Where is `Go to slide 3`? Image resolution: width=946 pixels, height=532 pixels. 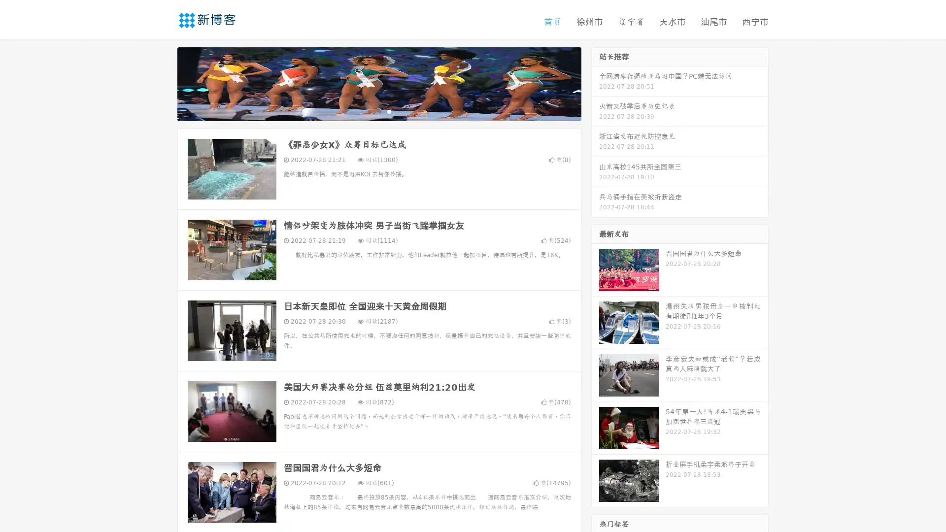 Go to slide 3 is located at coordinates (389, 111).